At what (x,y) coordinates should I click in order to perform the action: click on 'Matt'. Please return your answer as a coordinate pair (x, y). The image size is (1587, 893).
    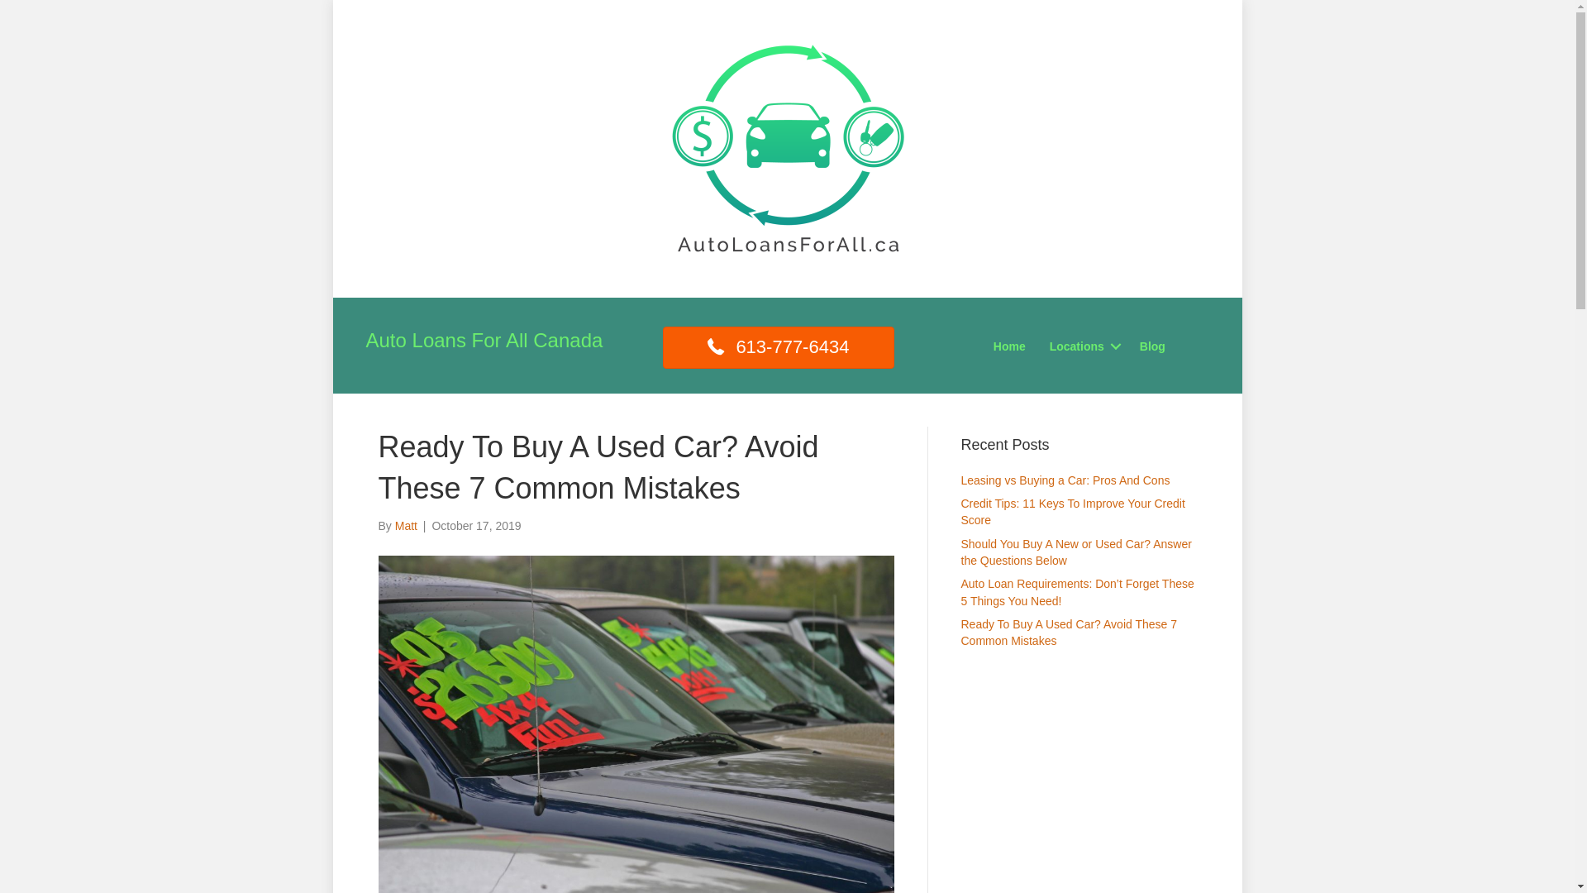
    Looking at the image, I should click on (394, 526).